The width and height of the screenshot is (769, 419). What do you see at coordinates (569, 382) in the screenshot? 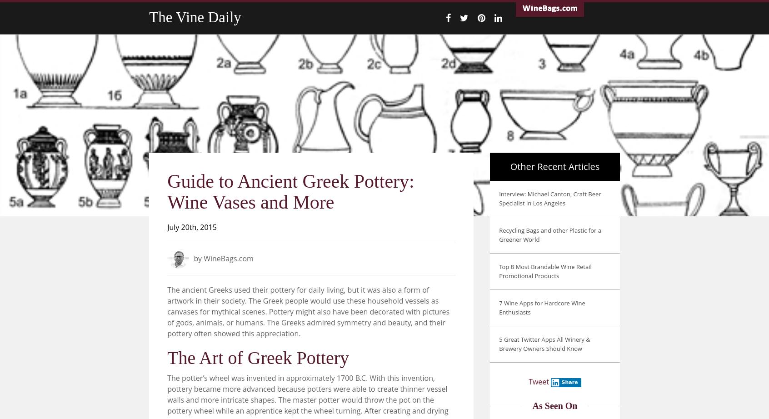
I see `'Share'` at bounding box center [569, 382].